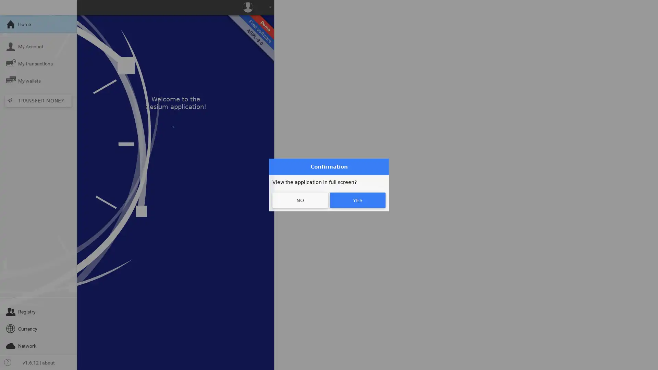  Describe the element at coordinates (367, 132) in the screenshot. I see `CREATE A FREE ACCOUNT` at that location.